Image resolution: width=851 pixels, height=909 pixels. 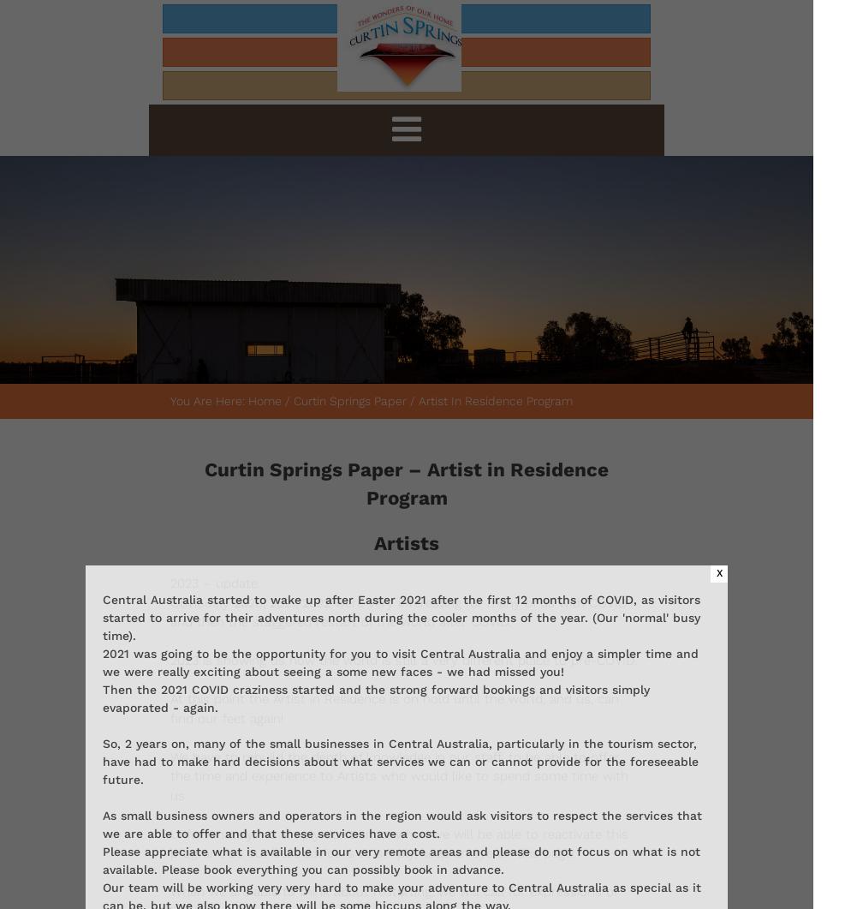 I want to click on '/', so click(x=286, y=401).